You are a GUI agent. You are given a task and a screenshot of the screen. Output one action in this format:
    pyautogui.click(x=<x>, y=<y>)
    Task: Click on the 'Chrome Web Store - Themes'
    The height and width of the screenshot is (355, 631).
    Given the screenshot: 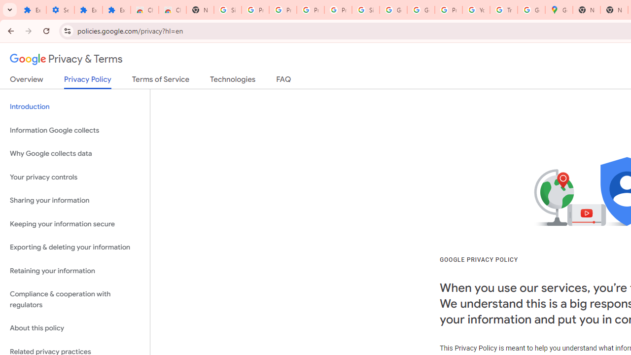 What is the action you would take?
    pyautogui.click(x=173, y=10)
    